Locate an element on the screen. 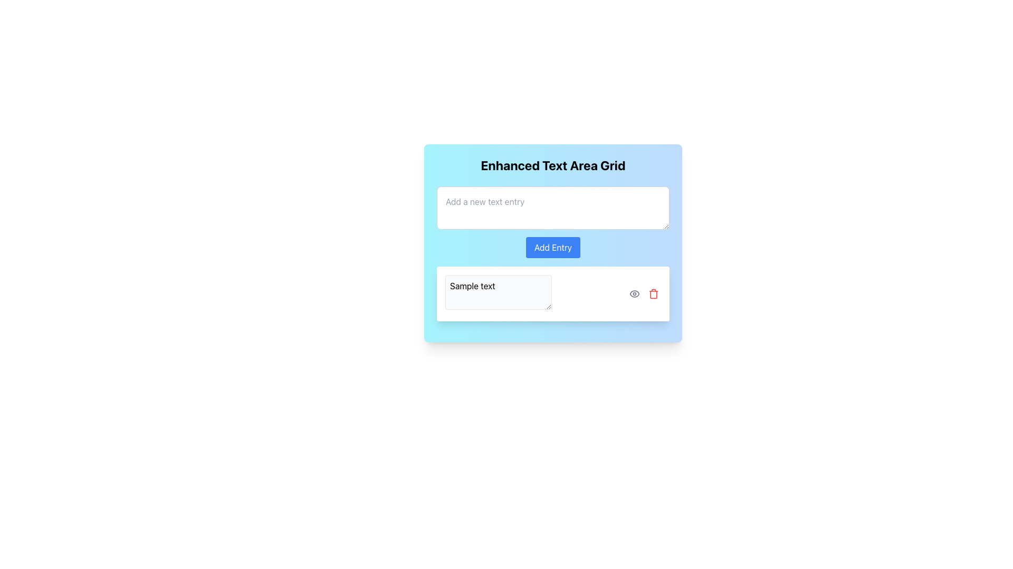 This screenshot has height=569, width=1013. the trash icon, which is the red icon on the right side of the composite UI element containing two interactive buttons, to confirm the delete action is located at coordinates (643, 294).